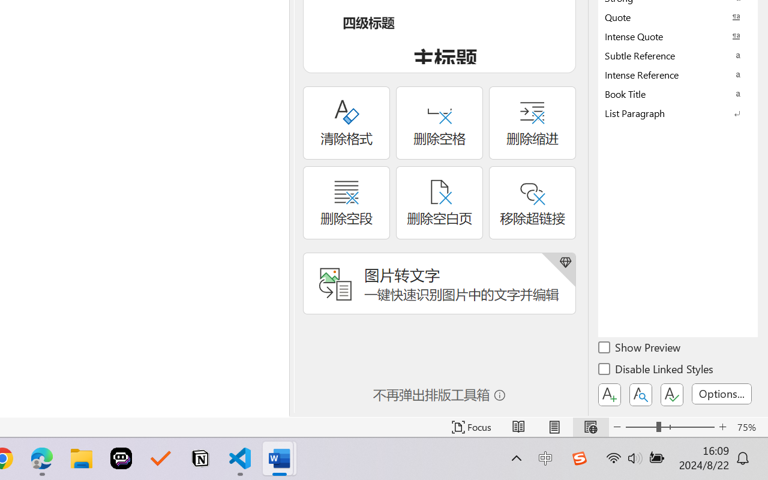 The width and height of the screenshot is (768, 480). Describe the element at coordinates (471, 427) in the screenshot. I see `'Focus '` at that location.